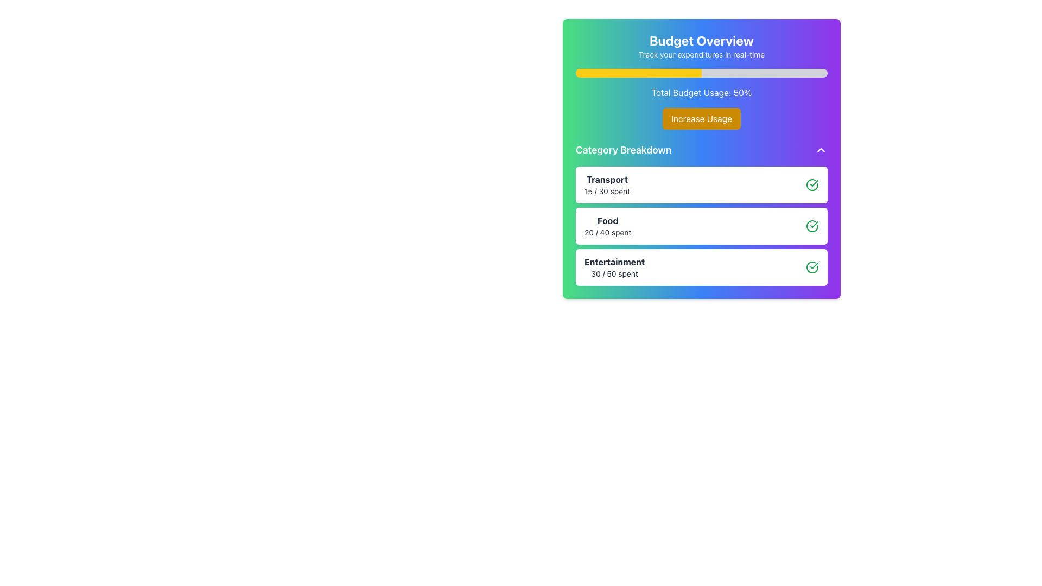 This screenshot has height=586, width=1042. I want to click on the toggle button icon located to the right of the 'Category Breakdown' text, so click(821, 150).